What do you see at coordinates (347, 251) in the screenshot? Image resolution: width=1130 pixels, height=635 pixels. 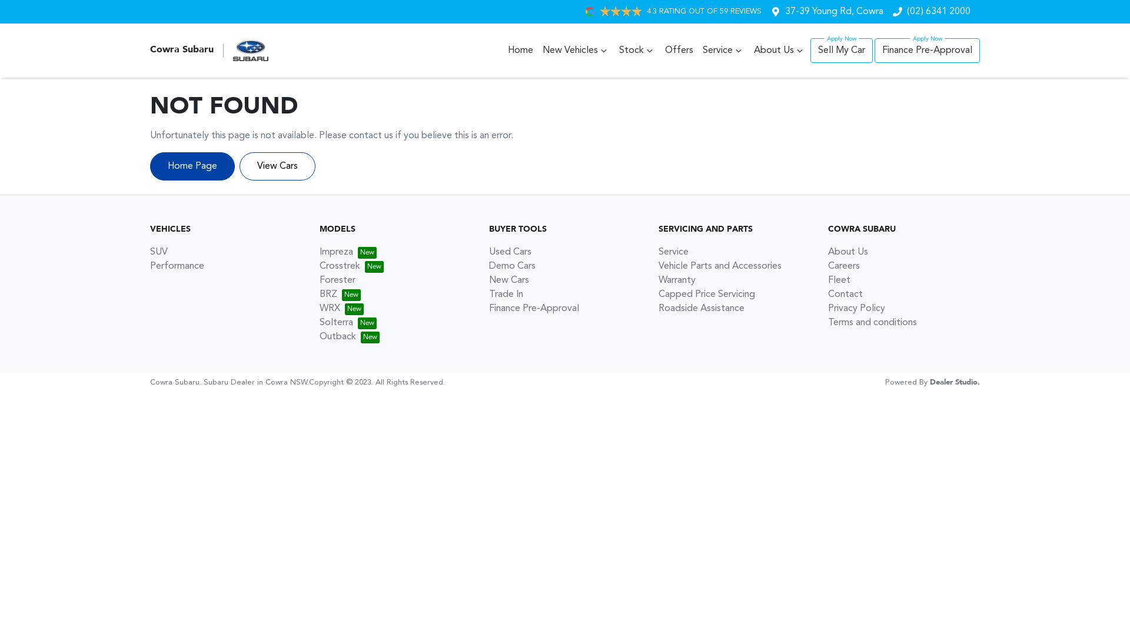 I see `'Impreza'` at bounding box center [347, 251].